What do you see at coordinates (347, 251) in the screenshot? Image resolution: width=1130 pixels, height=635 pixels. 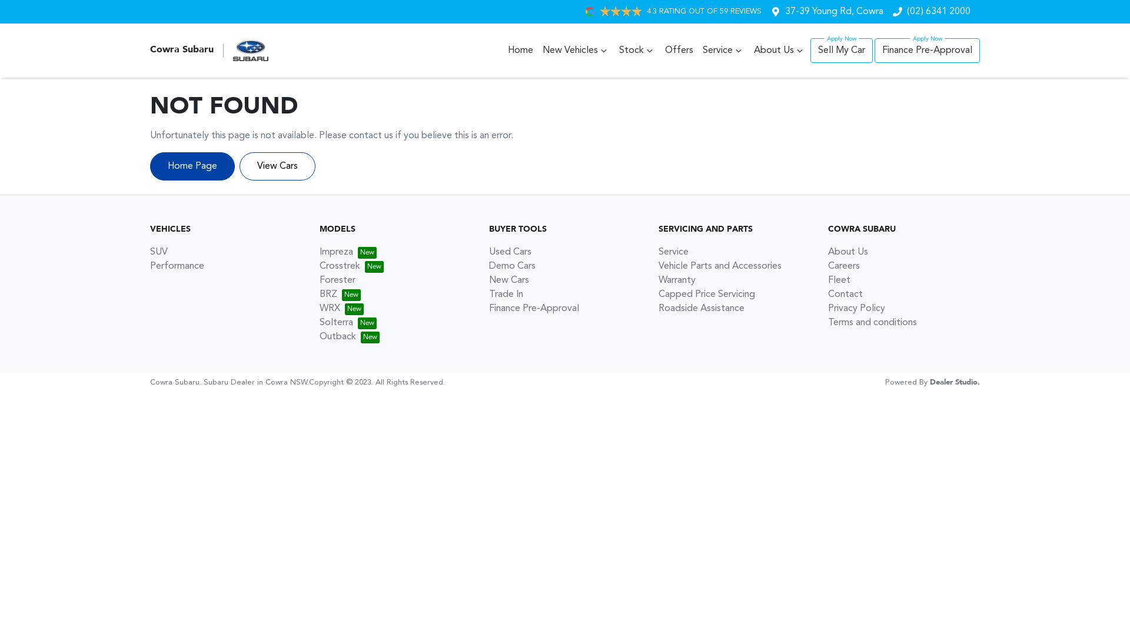 I see `'Impreza'` at bounding box center [347, 251].